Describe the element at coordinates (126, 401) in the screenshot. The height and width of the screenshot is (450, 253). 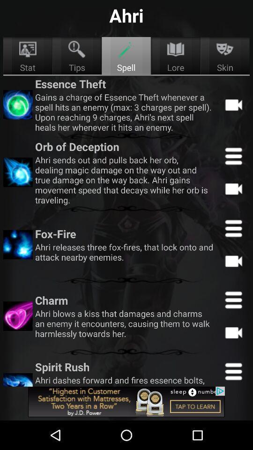
I see `the advertised website` at that location.